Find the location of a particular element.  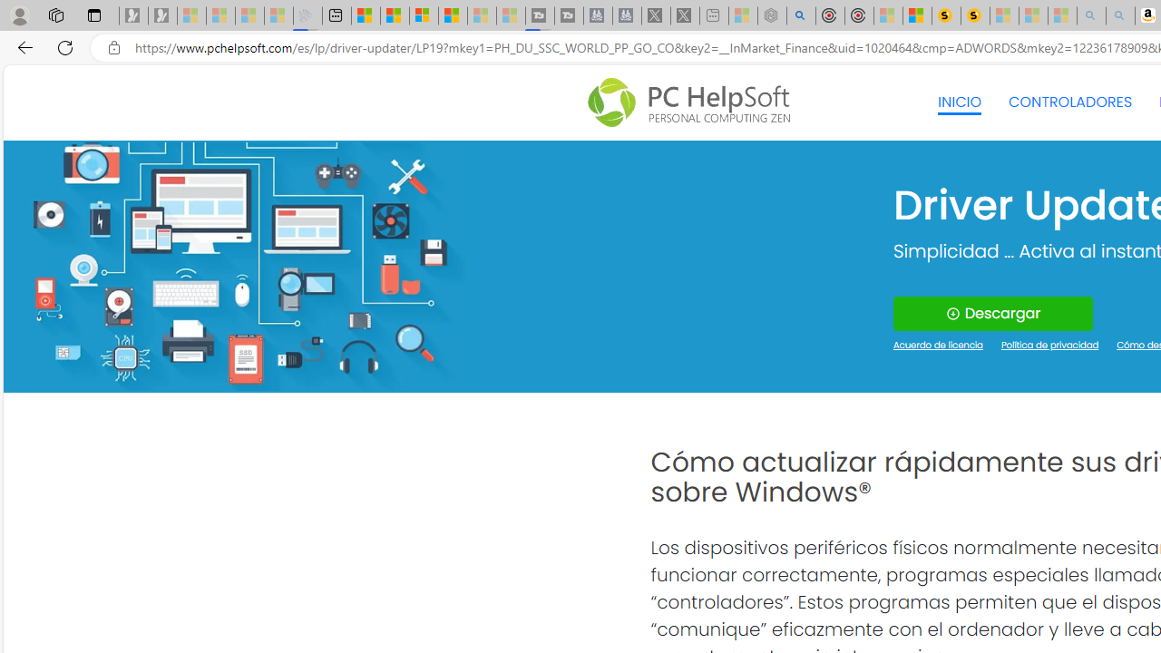

'Download Icon' is located at coordinates (951, 313).